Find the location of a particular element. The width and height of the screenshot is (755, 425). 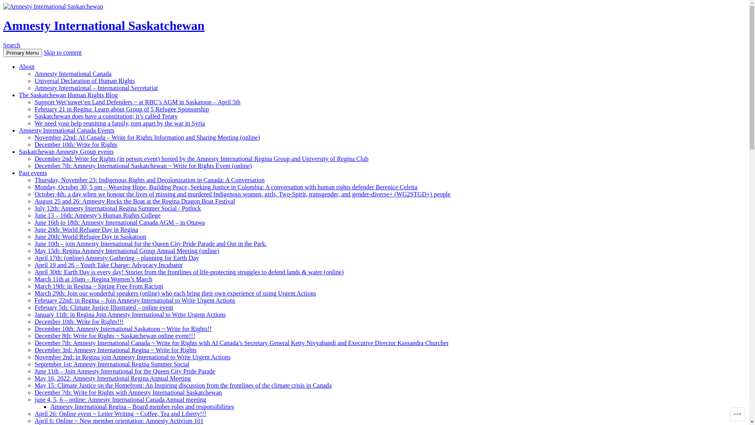

'Amnesty International Canada' is located at coordinates (73, 74).